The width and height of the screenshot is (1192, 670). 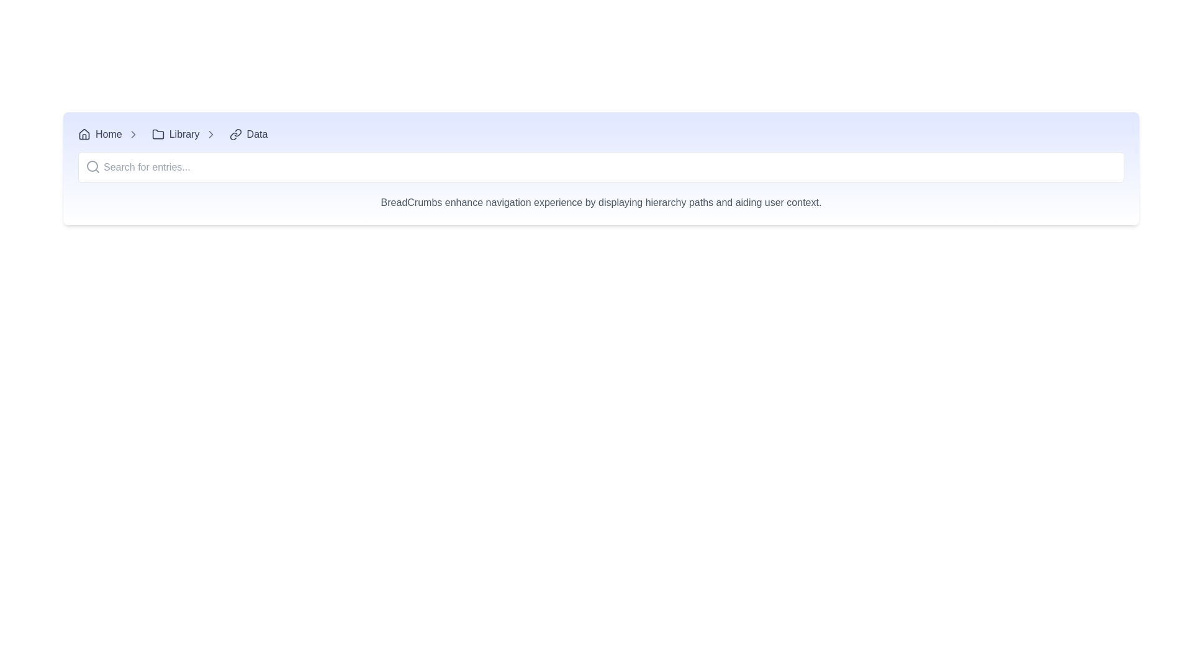 What do you see at coordinates (210, 134) in the screenshot?
I see `the chevron-shaped right arrow icon in the breadcrumb navigation interface that follows the 'Library' label` at bounding box center [210, 134].